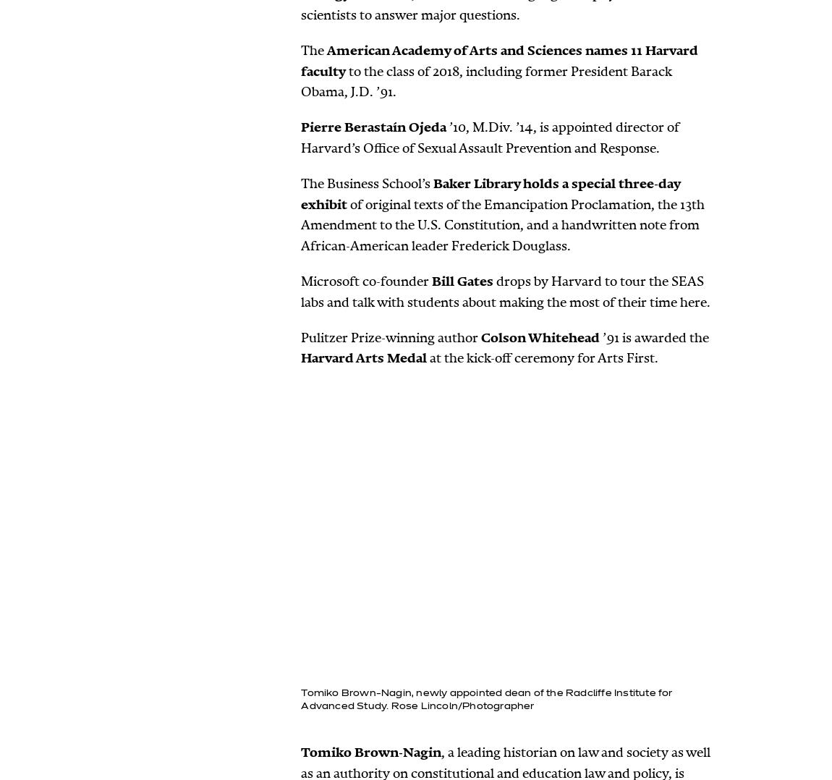  Describe the element at coordinates (366, 281) in the screenshot. I see `'Microsoft co-founder'` at that location.